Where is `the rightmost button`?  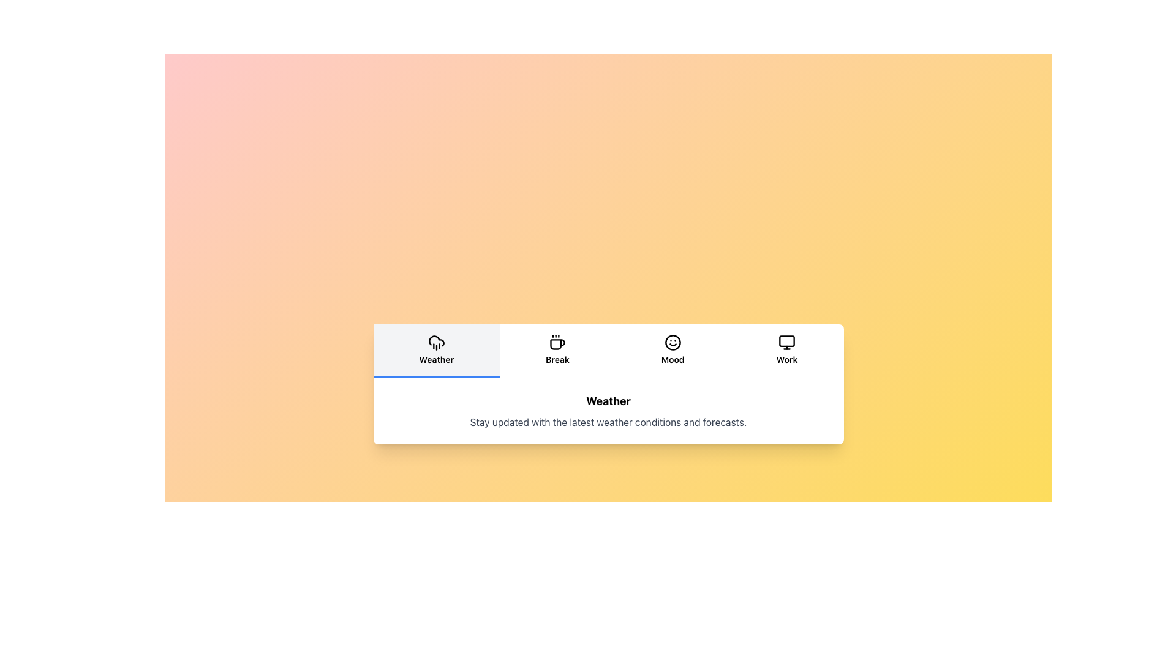
the rightmost button is located at coordinates (787, 351).